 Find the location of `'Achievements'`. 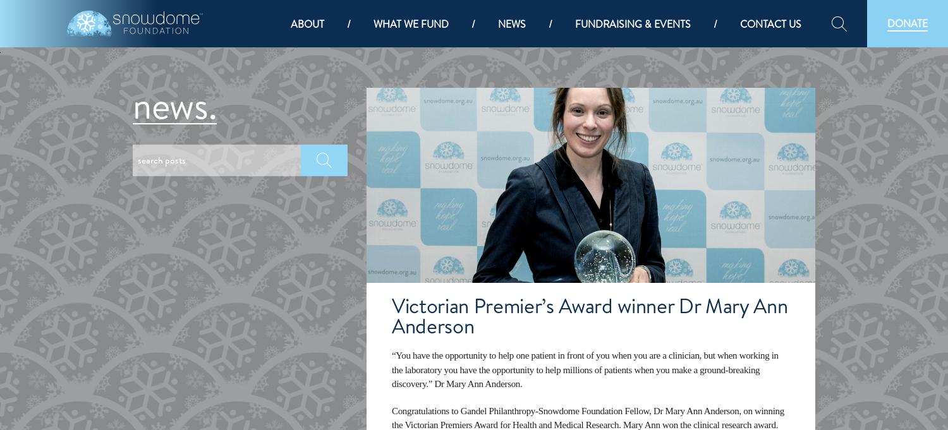

'Achievements' is located at coordinates (331, 194).